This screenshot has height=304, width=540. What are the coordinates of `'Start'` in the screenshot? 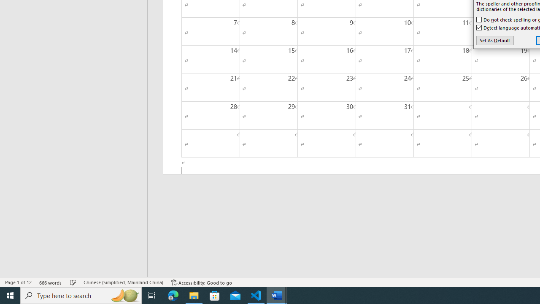 It's located at (10, 295).